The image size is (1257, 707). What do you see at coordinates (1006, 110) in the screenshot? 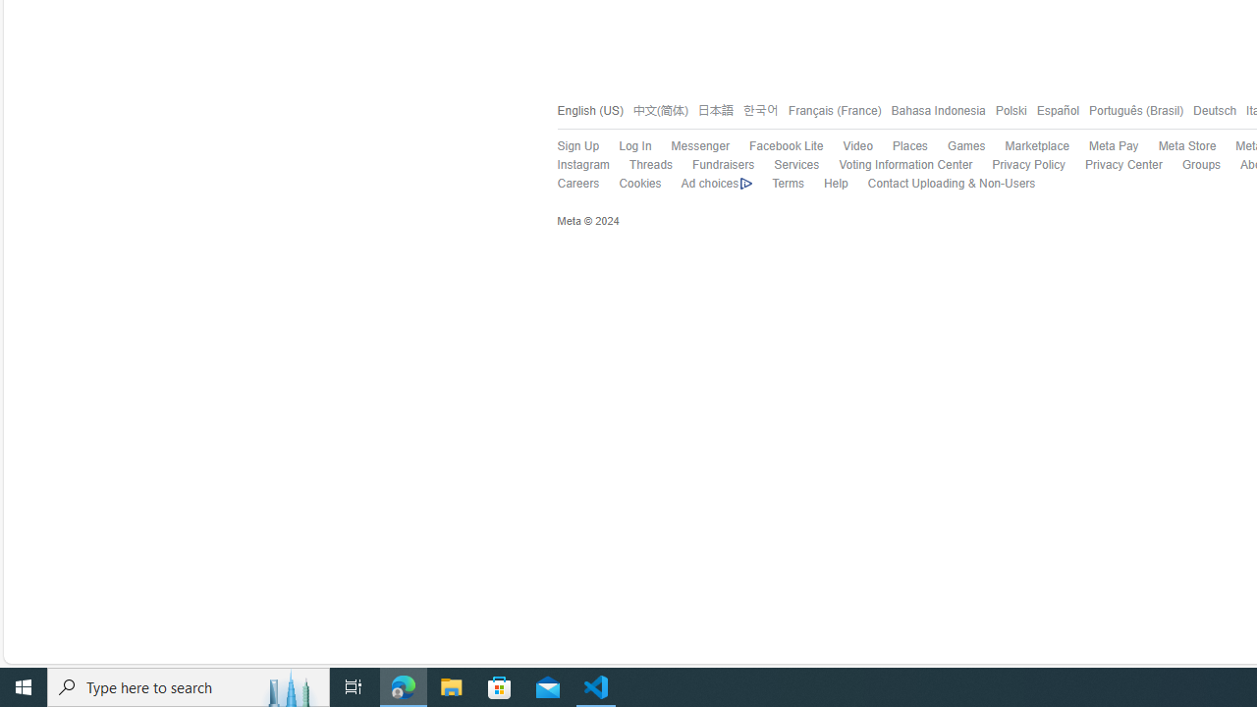
I see `'Polski'` at bounding box center [1006, 110].